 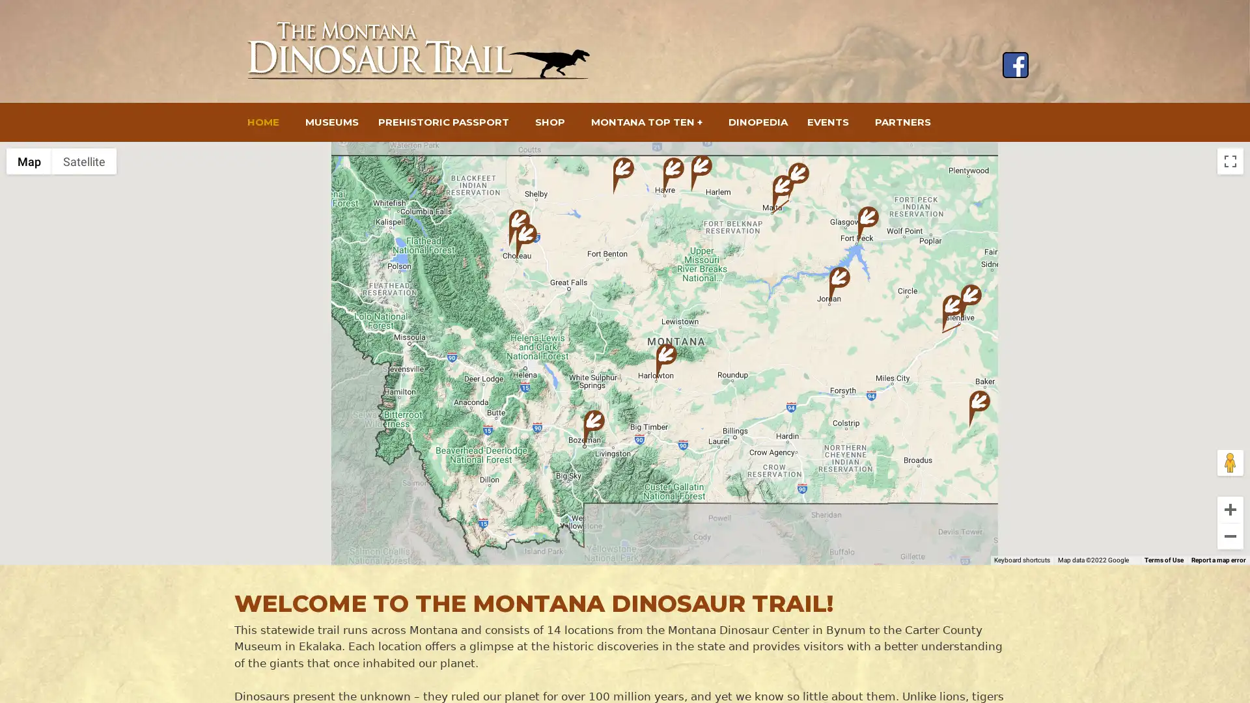 What do you see at coordinates (701, 172) in the screenshot?
I see `Blaine County Museum` at bounding box center [701, 172].